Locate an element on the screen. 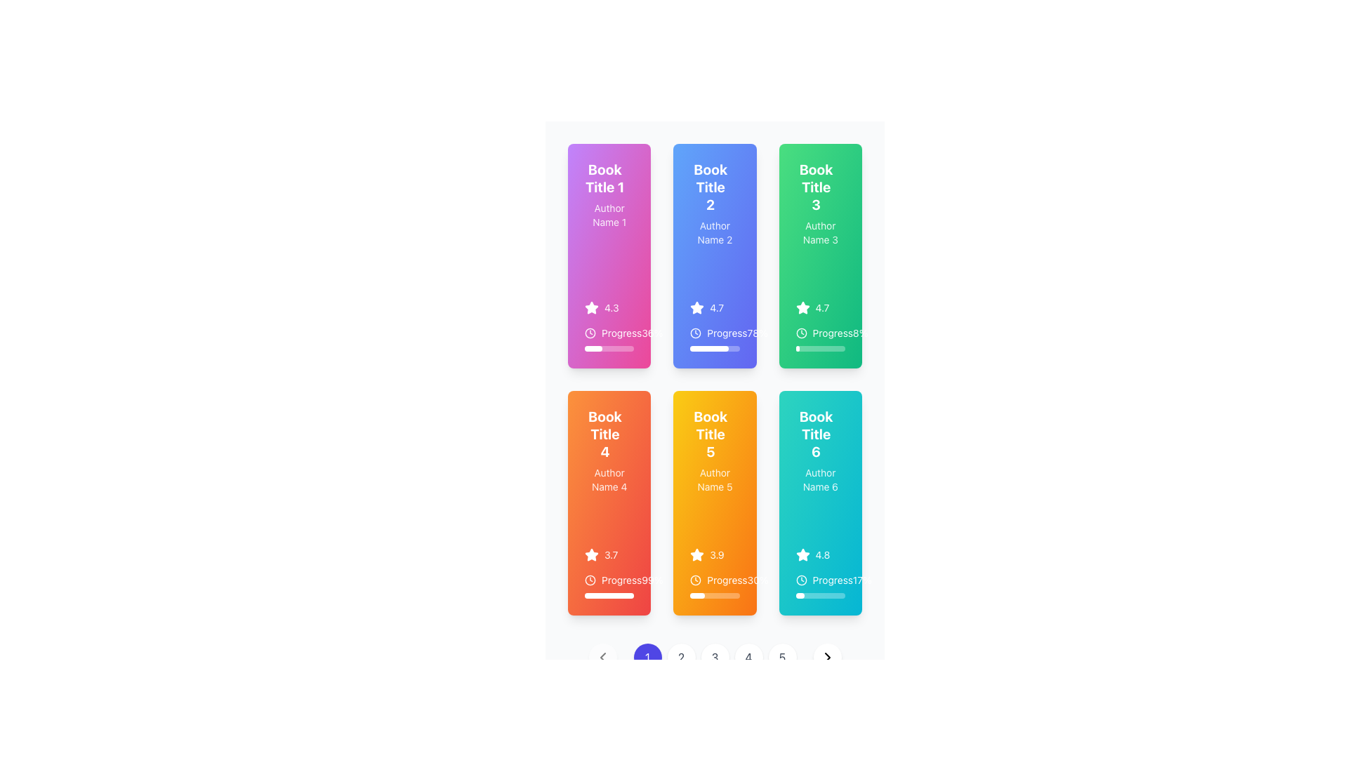 The height and width of the screenshot is (758, 1348). the text label displaying 'Author Name 1', which is located below the title 'Book Title 1' within a pink background panel is located at coordinates (609, 215).